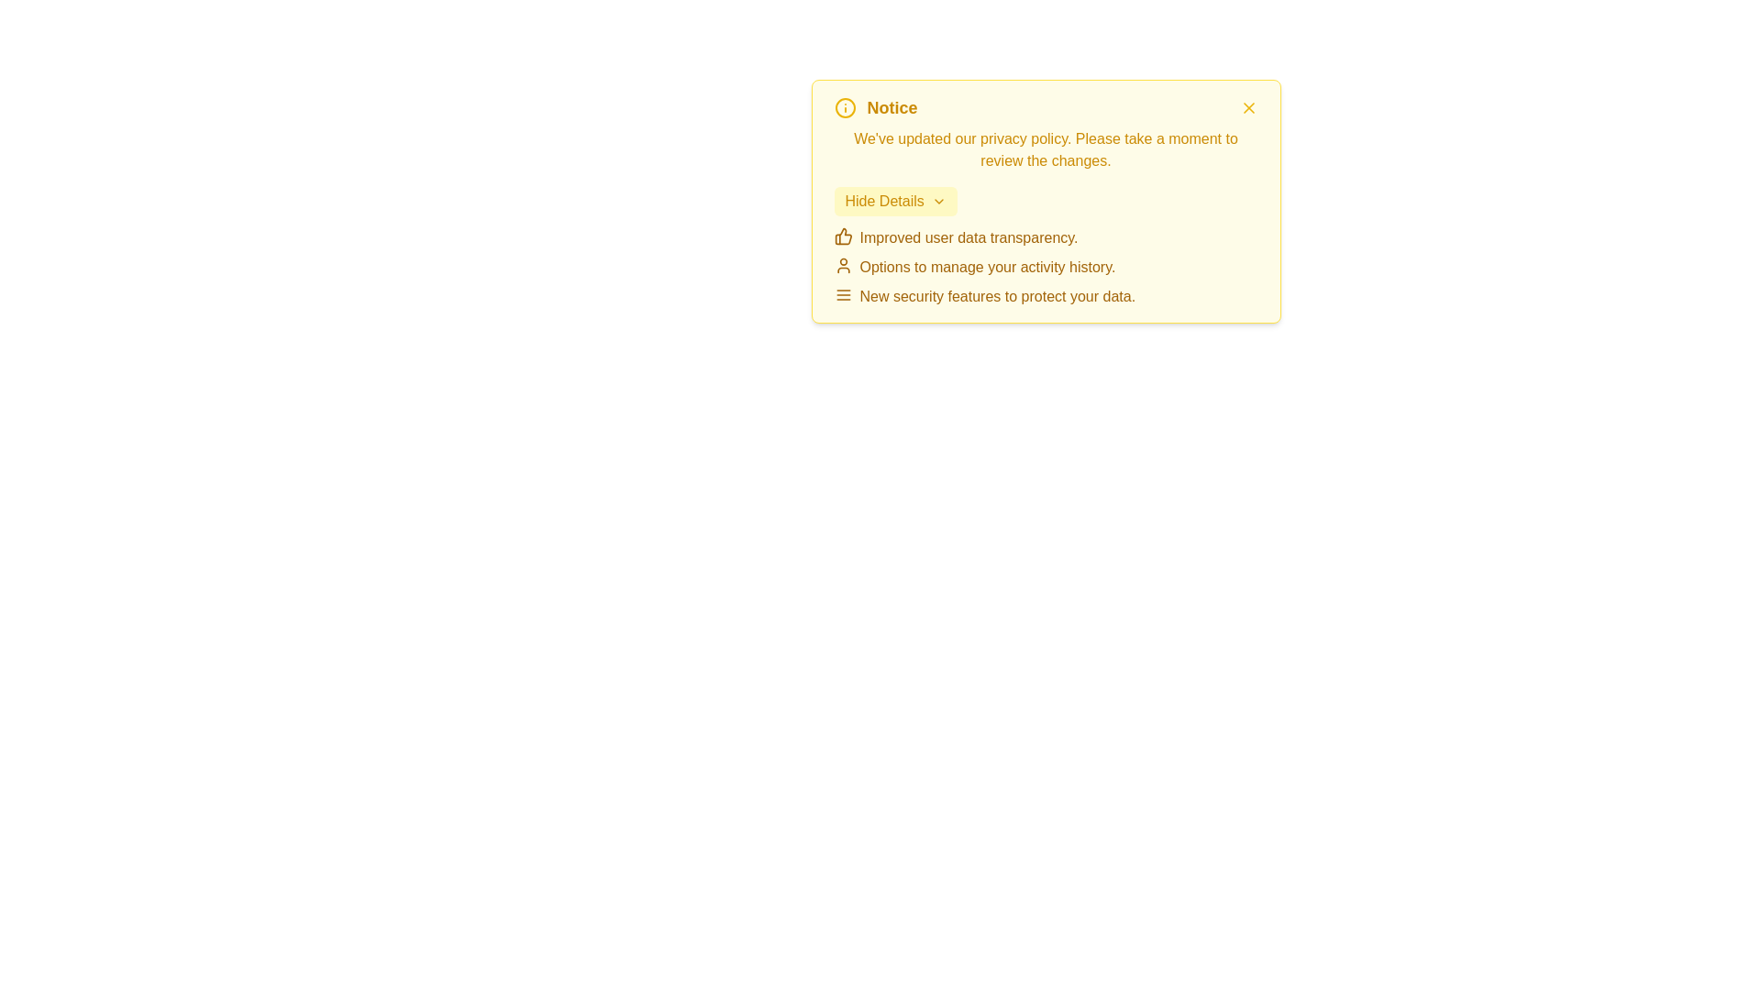 This screenshot has width=1761, height=990. I want to click on the yellow cross-like button in the top-right corner of the notice box, so click(1247, 108).